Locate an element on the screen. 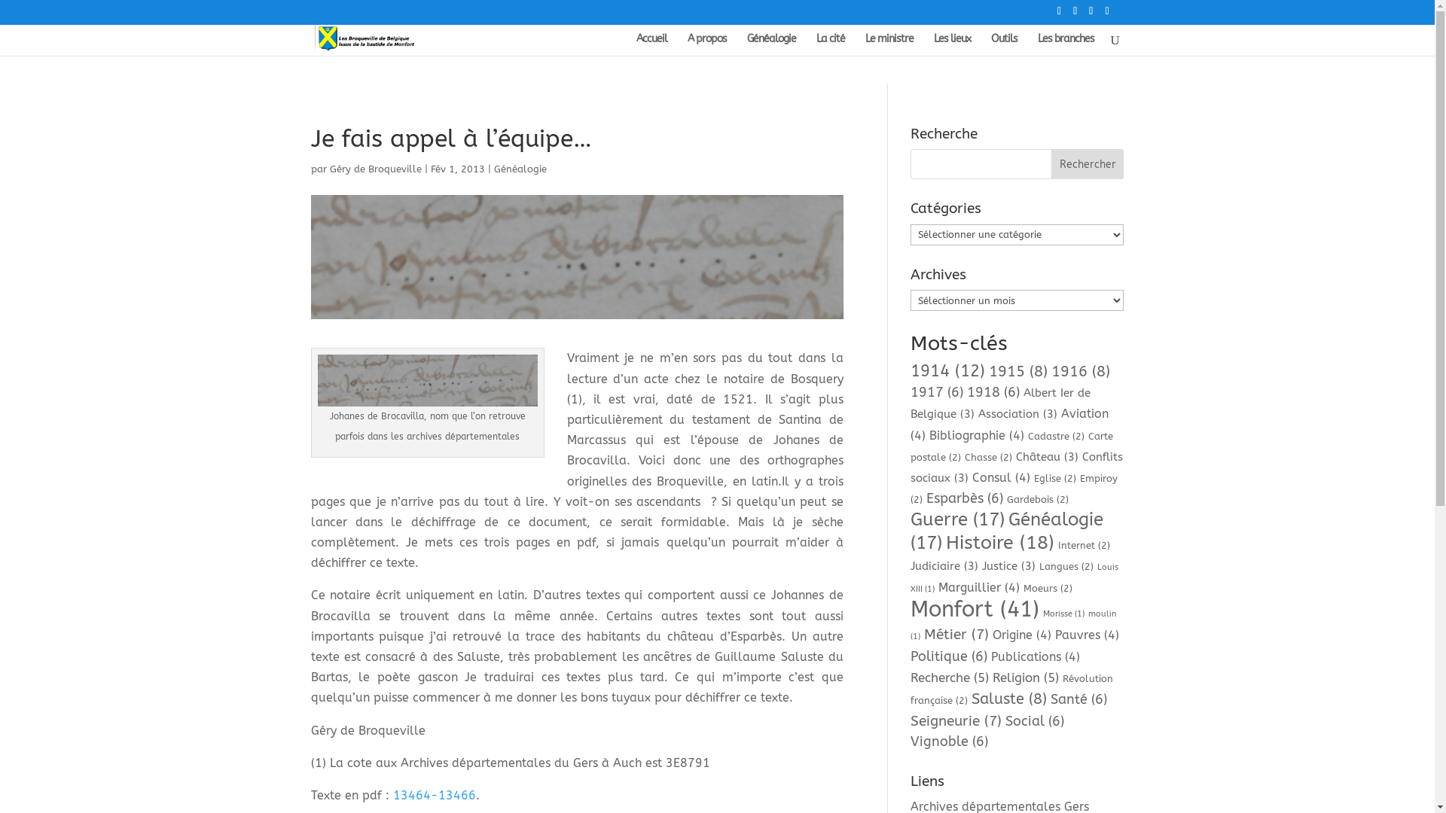 The width and height of the screenshot is (1446, 813). 'Histoire (18)' is located at coordinates (1000, 542).